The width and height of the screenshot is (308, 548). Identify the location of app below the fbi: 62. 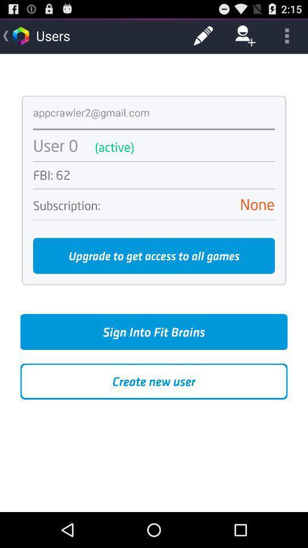
(154, 189).